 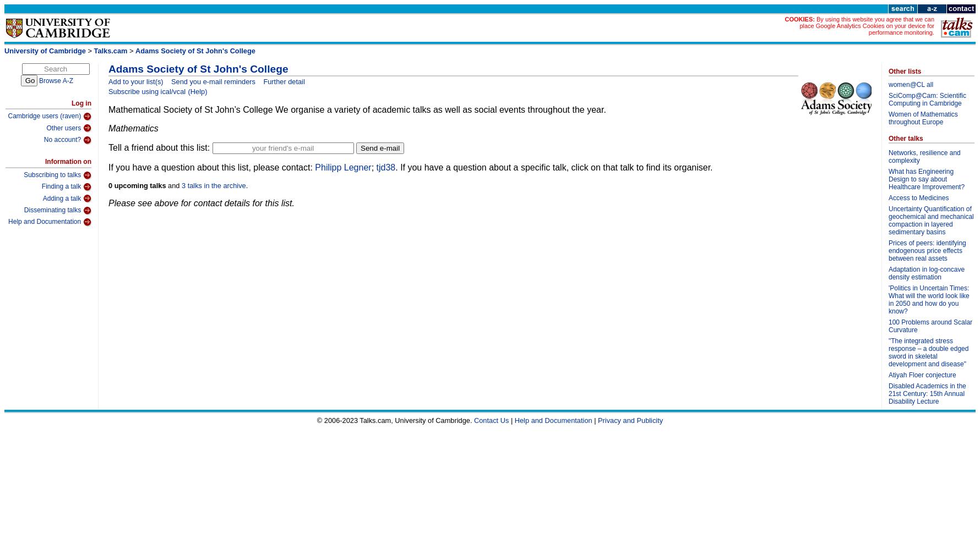 I want to click on 'Add to your list(s)', so click(x=135, y=81).